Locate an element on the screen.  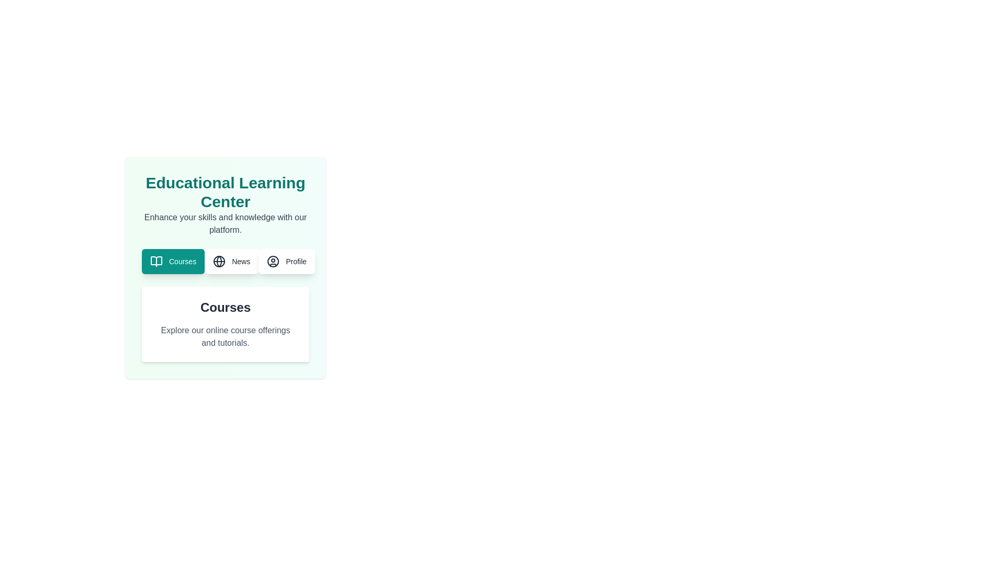
the Profile tab button to navigate to the corresponding section is located at coordinates (286, 261).